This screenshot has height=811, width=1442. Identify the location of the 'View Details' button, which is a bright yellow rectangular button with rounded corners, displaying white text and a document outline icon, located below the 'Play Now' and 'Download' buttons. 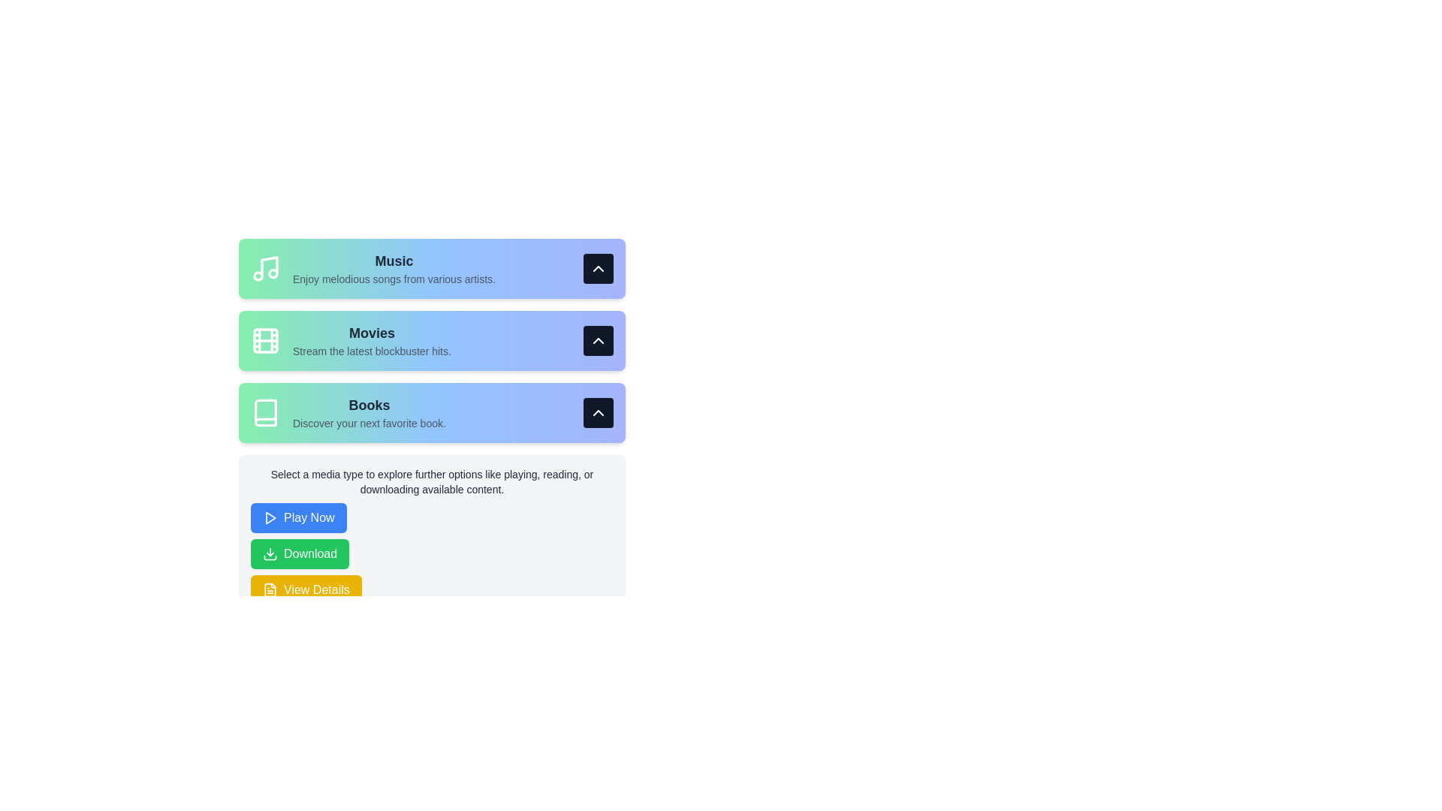
(305, 589).